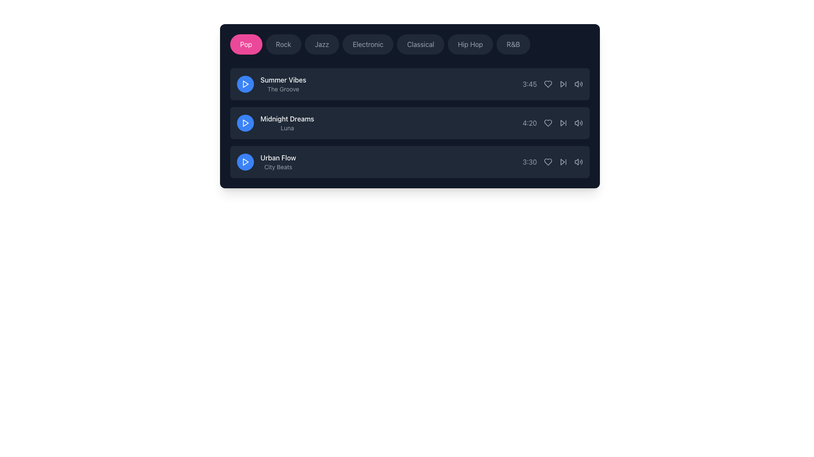 The image size is (814, 457). Describe the element at coordinates (287, 123) in the screenshot. I see `the title and artist name display component located in the second row of the vertically listed menu` at that location.